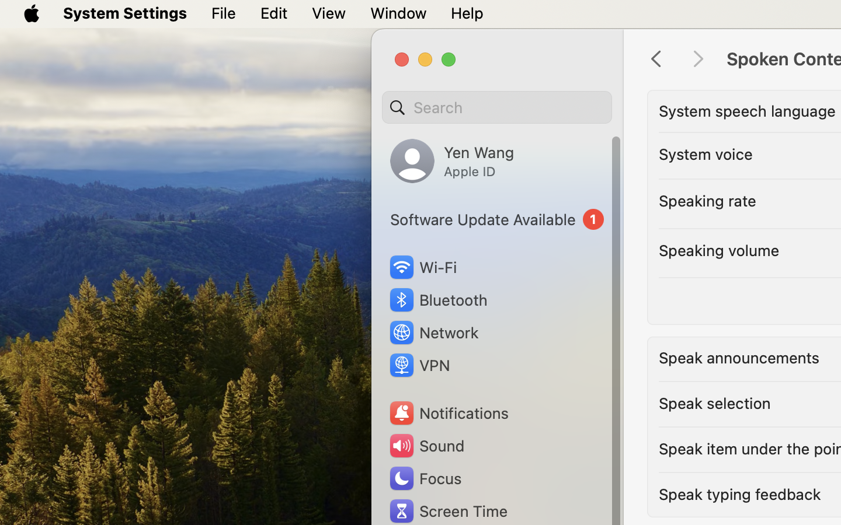 Image resolution: width=841 pixels, height=525 pixels. I want to click on 'Sound', so click(425, 445).